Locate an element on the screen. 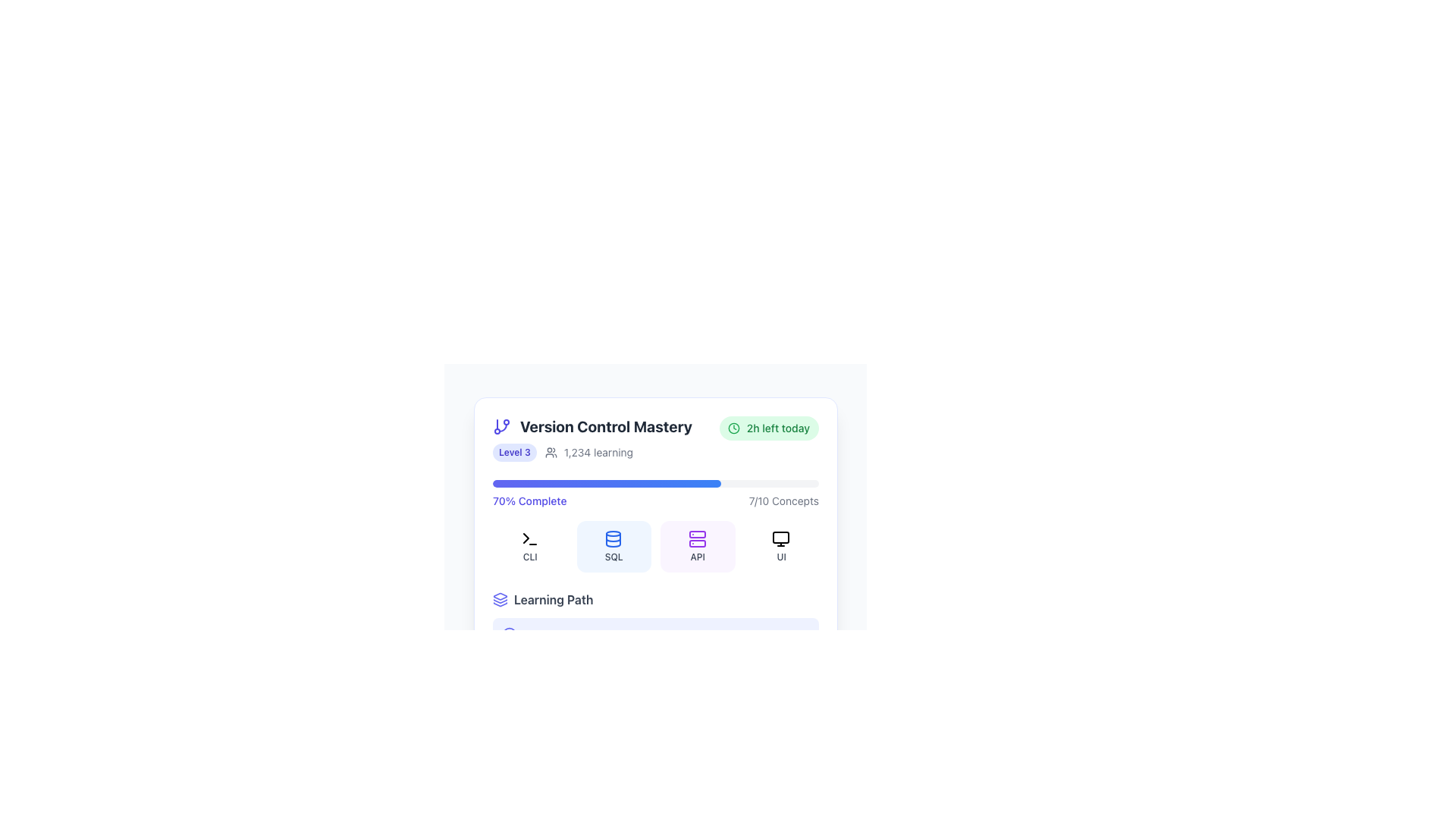  the terminal icon representing 'CLI', which is outlined in green and located within the top-left card labeled 'CLI' is located at coordinates (529, 538).